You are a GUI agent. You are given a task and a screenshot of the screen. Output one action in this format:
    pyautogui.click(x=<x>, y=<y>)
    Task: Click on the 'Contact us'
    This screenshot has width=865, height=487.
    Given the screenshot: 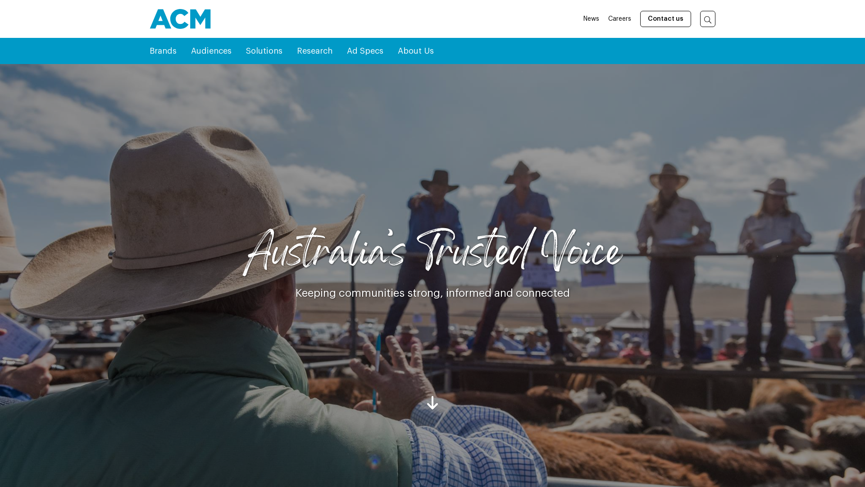 What is the action you would take?
    pyautogui.click(x=665, y=19)
    